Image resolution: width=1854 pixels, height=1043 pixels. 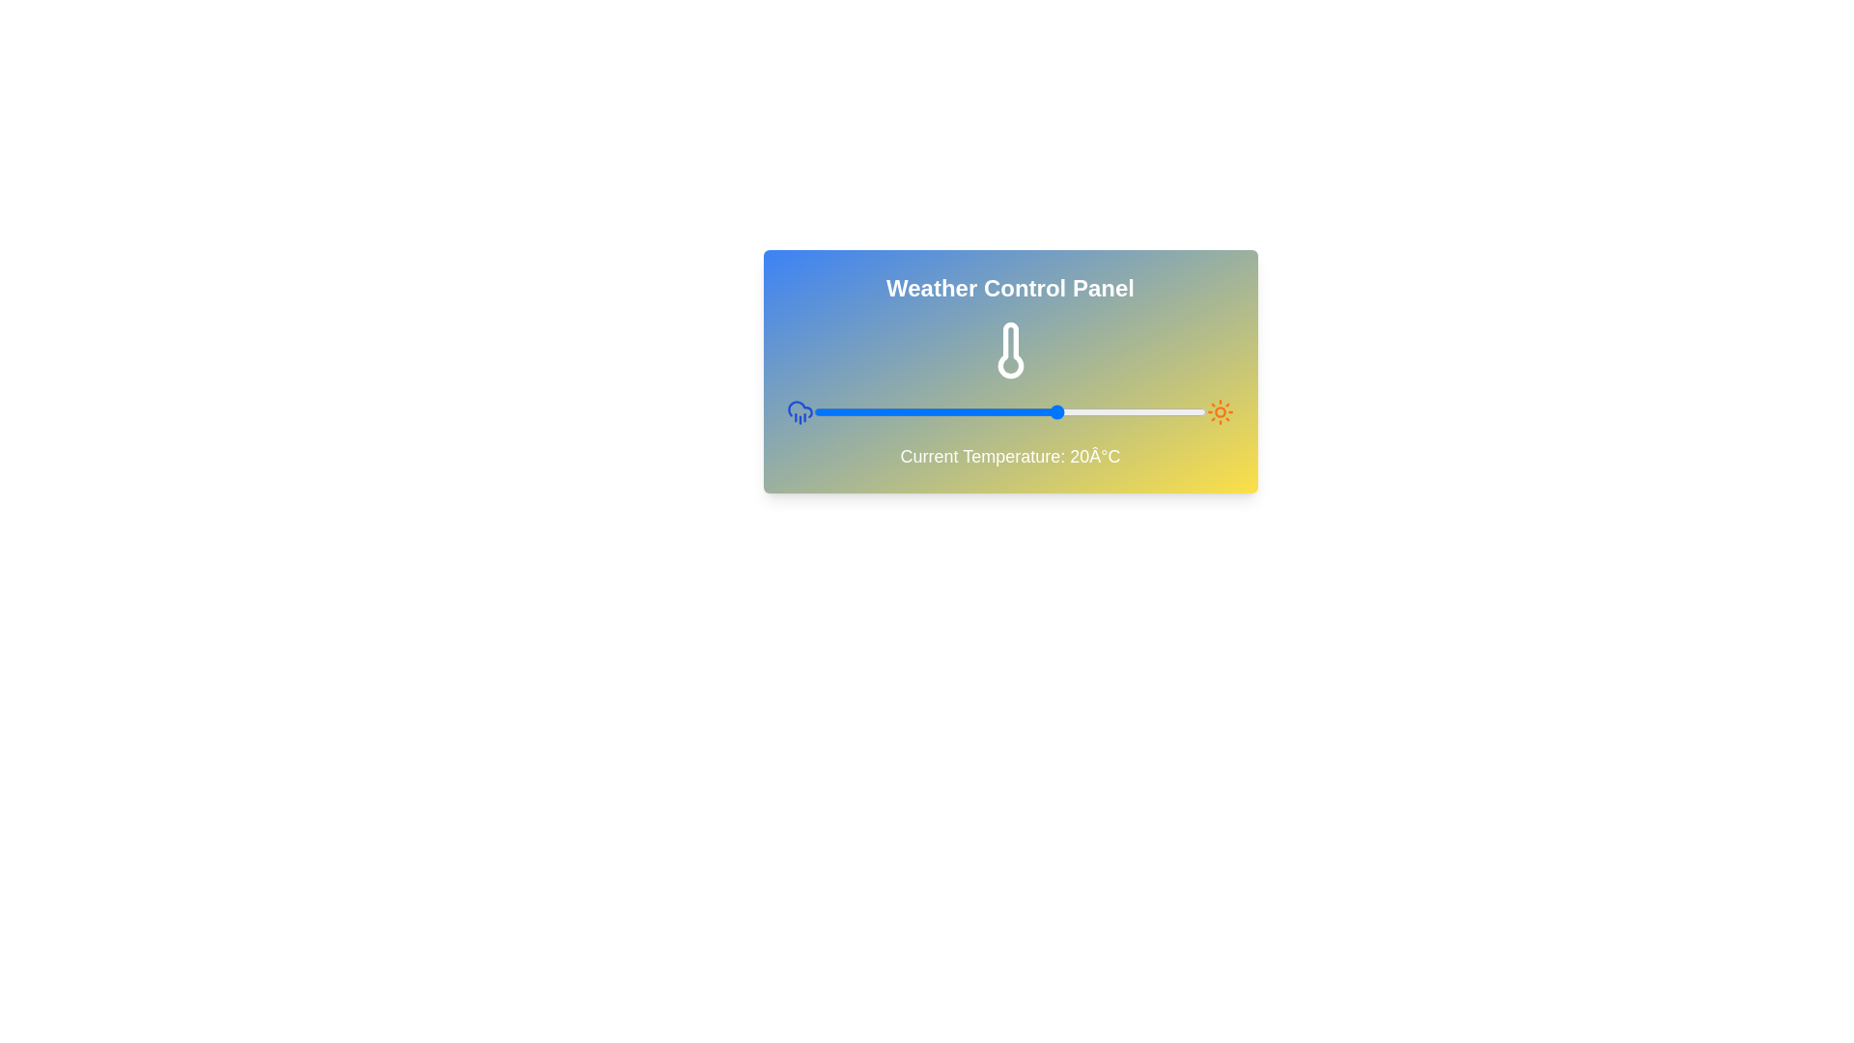 What do you see at coordinates (1118, 411) in the screenshot?
I see `the temperature slider to 32°C` at bounding box center [1118, 411].